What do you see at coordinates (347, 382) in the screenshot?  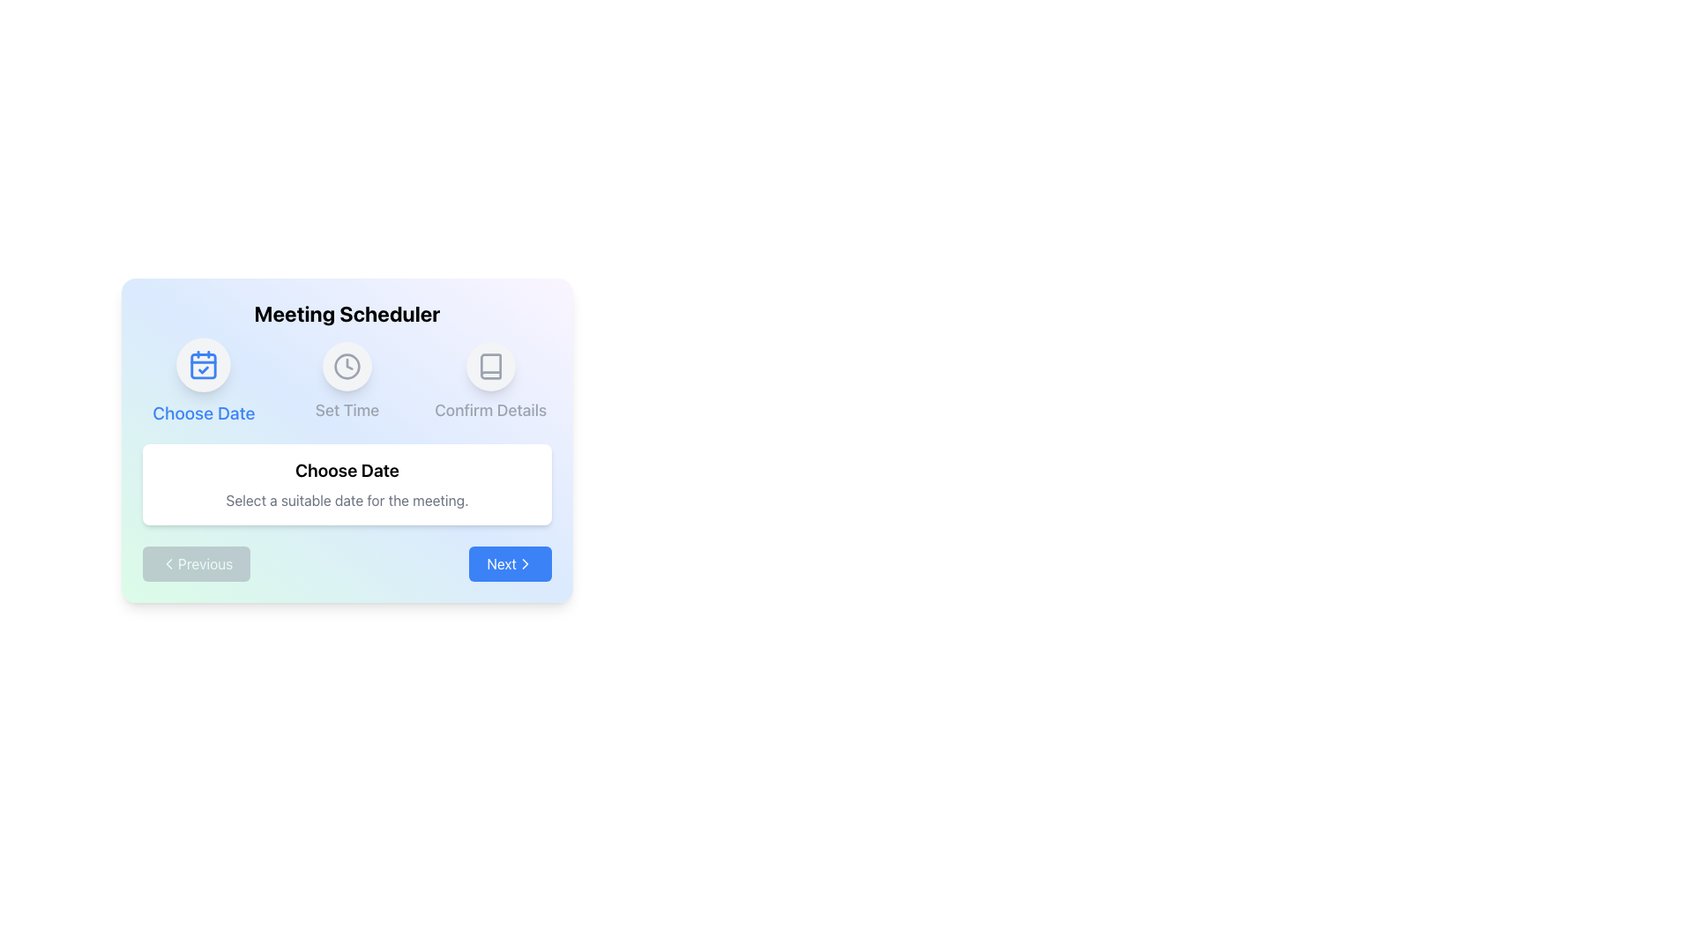 I see `the second section of the Navigation indicator / Step menu titled 'Set Time', which is part of the 'Meeting Scheduler' panel` at bounding box center [347, 382].